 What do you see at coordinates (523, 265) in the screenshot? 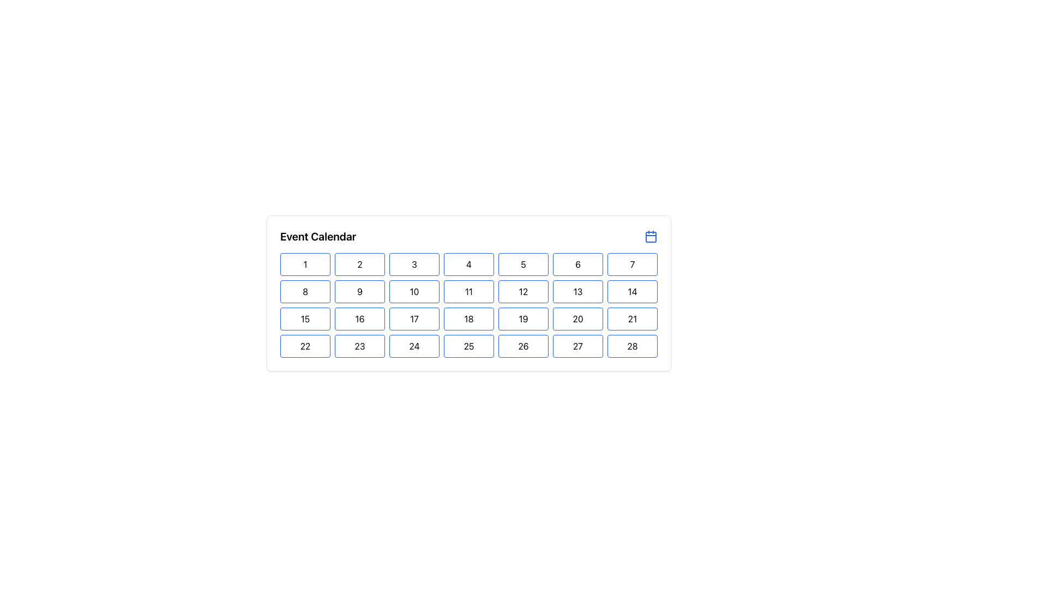
I see `the square button with rounded corners, labeled '5'` at bounding box center [523, 265].